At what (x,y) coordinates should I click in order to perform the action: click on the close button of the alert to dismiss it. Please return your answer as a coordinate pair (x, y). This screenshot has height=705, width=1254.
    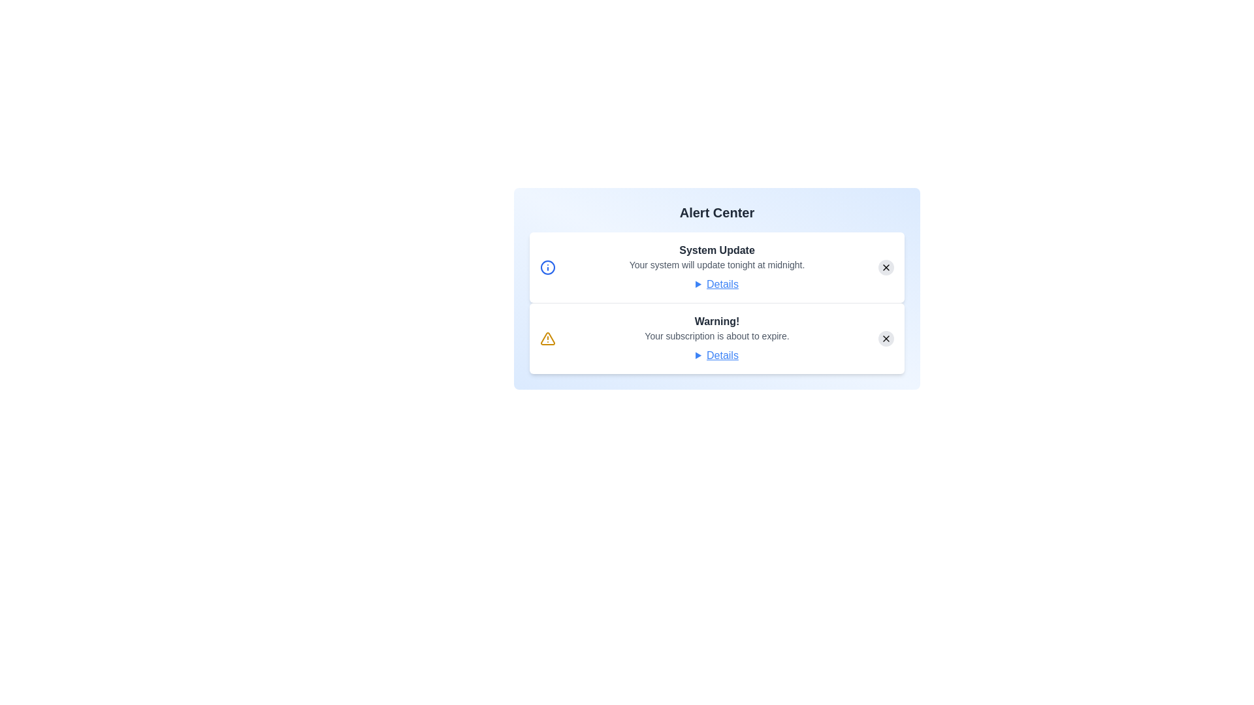
    Looking at the image, I should click on (886, 266).